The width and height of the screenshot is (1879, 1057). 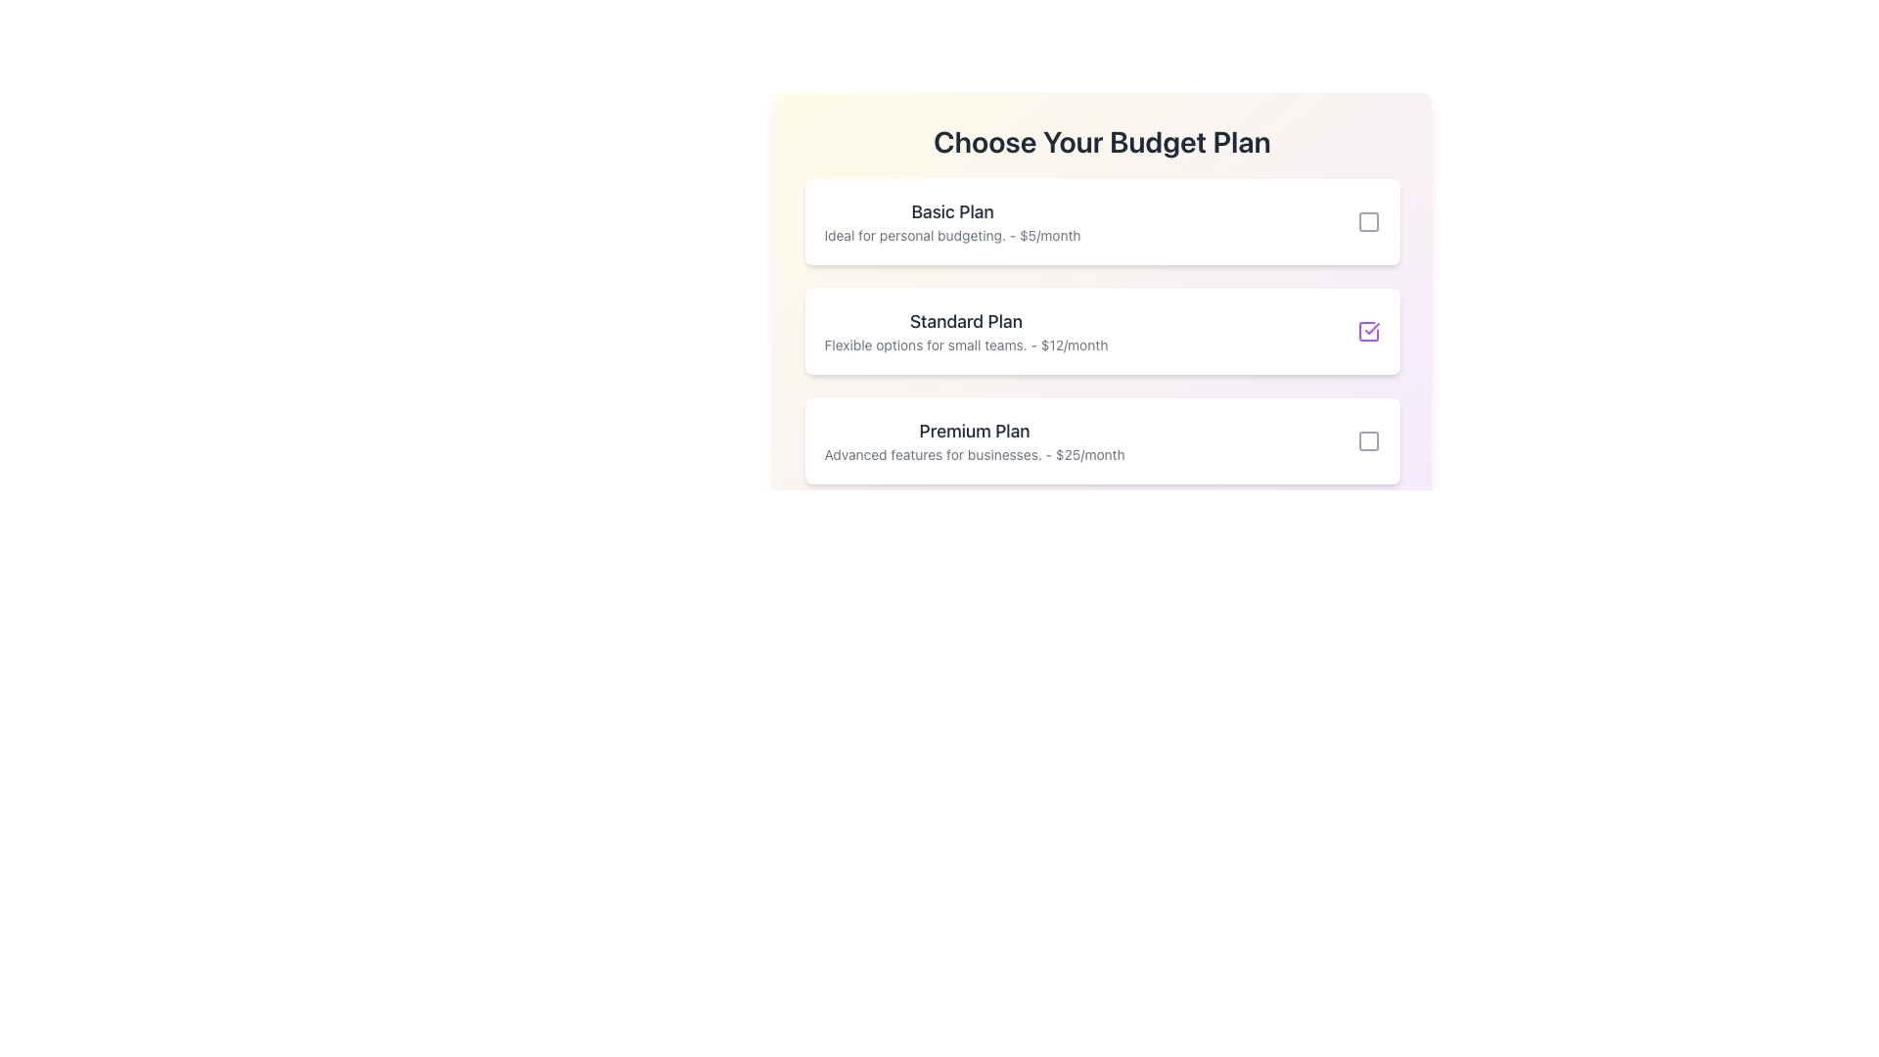 I want to click on the 'Standard Plan' card, which features a bold heading and a descriptor text styled in a smaller font, so click(x=966, y=331).